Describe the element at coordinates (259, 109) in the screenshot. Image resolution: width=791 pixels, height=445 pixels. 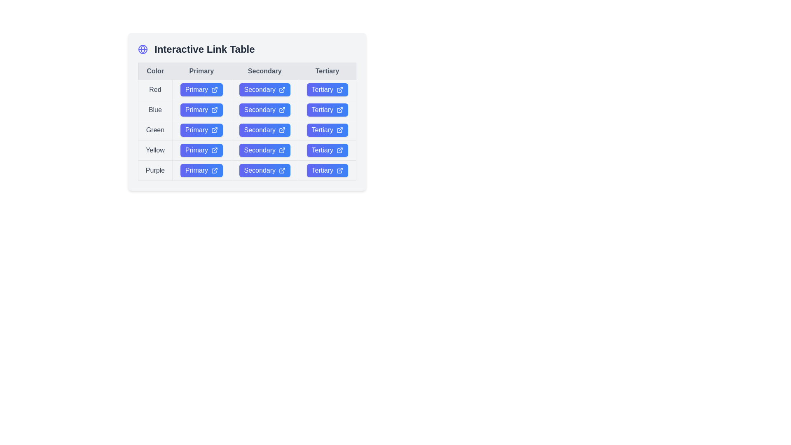
I see `the text label within the button located in the second row and second column under the heading 'Secondary', adjacent to the 'Primary' button on the left and 'Tertiary' button on the right` at that location.